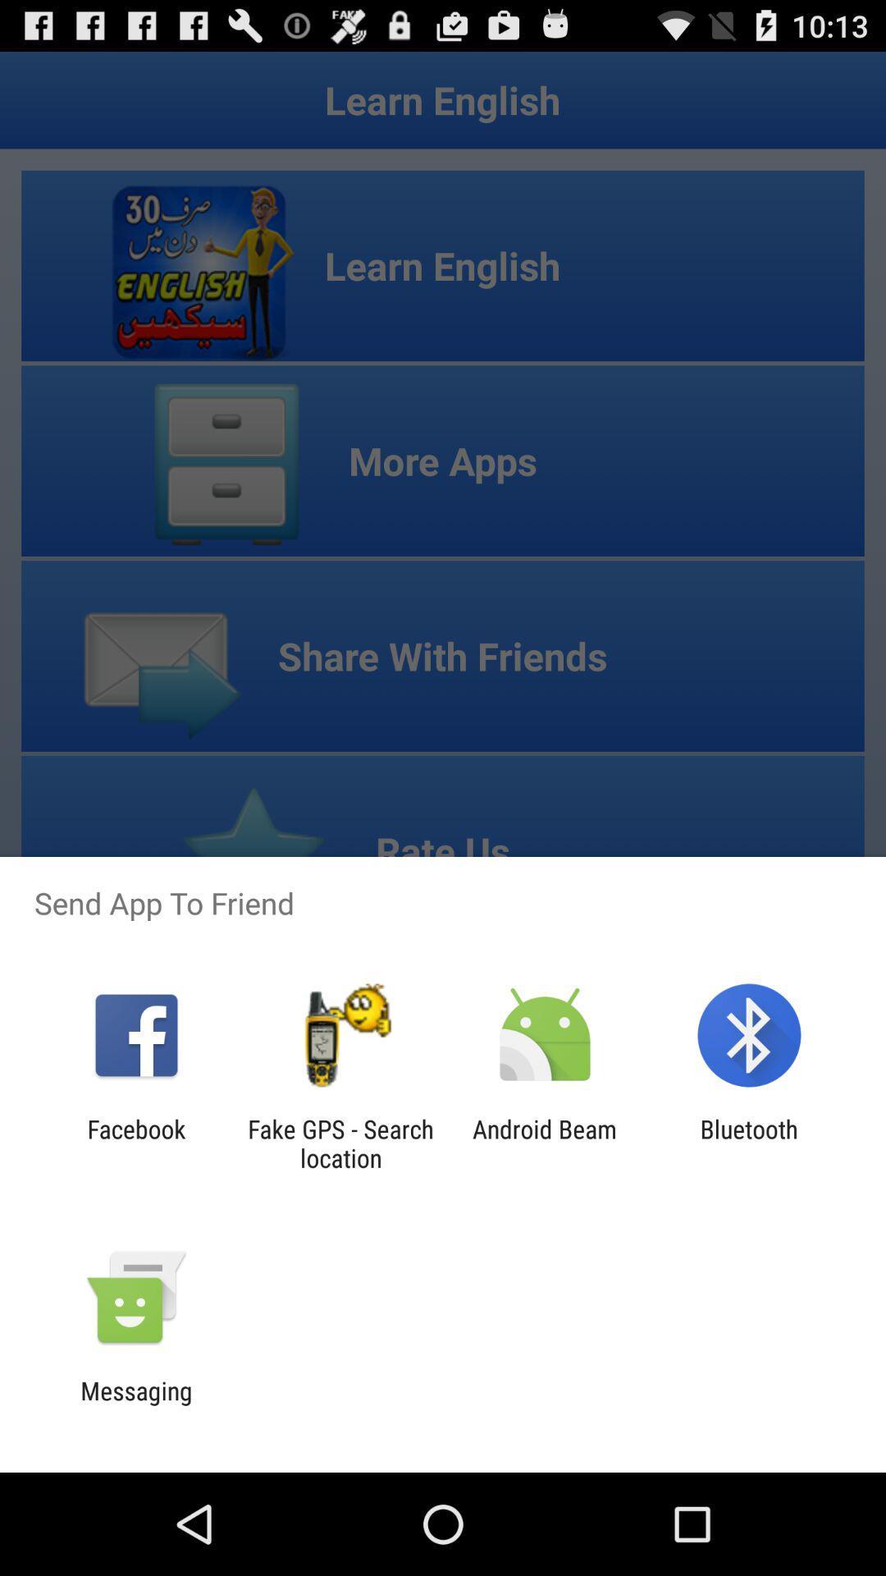 This screenshot has height=1576, width=886. I want to click on app next to the bluetooth icon, so click(545, 1143).